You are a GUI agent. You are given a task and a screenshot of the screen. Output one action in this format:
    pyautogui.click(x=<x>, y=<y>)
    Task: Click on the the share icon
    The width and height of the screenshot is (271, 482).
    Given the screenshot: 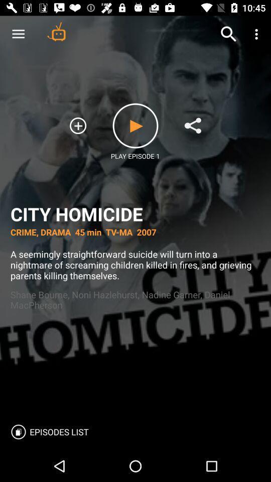 What is the action you would take?
    pyautogui.click(x=193, y=125)
    